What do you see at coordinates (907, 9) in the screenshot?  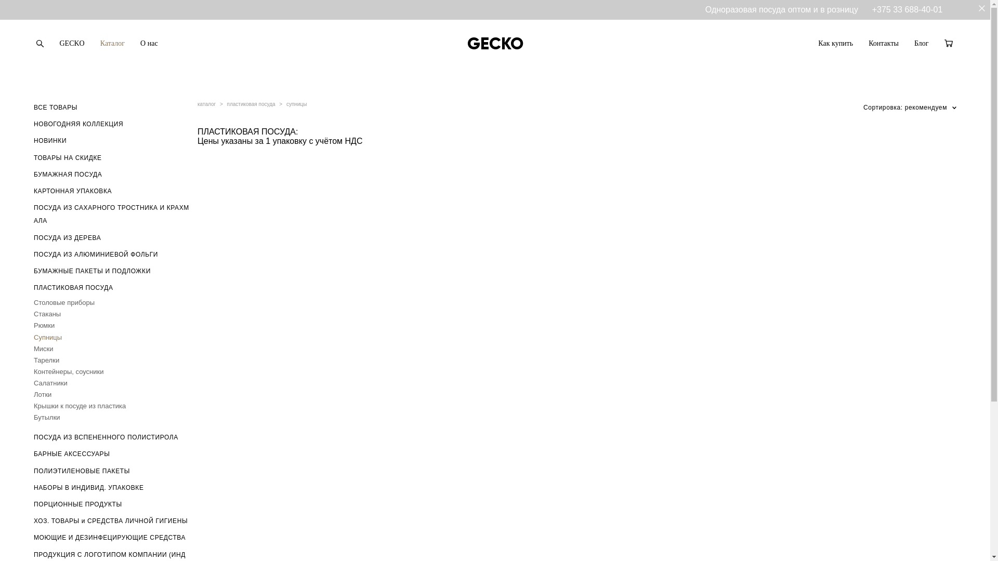 I see `'+375 33 688-40-01'` at bounding box center [907, 9].